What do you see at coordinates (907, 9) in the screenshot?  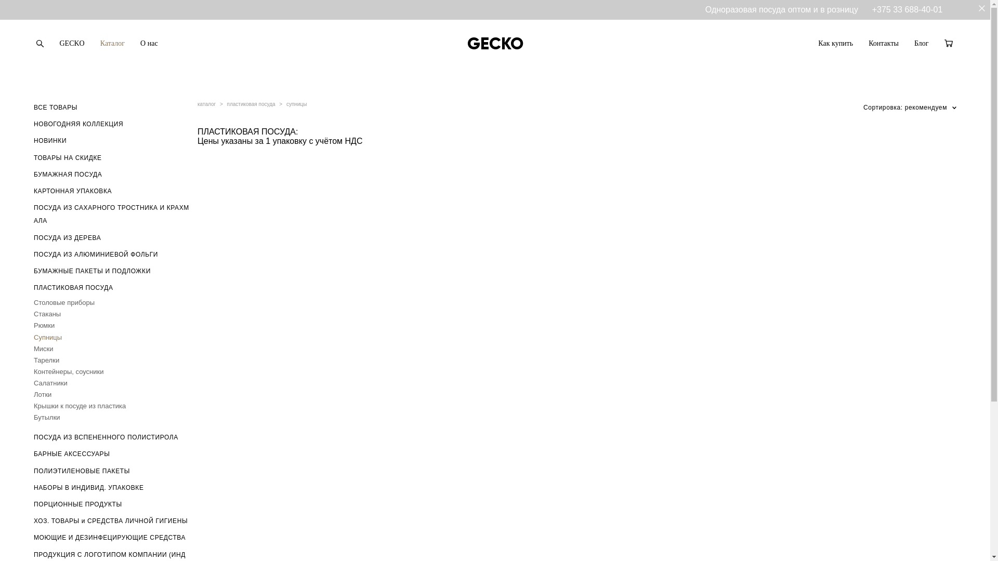 I see `'+375 33 688-40-01'` at bounding box center [907, 9].